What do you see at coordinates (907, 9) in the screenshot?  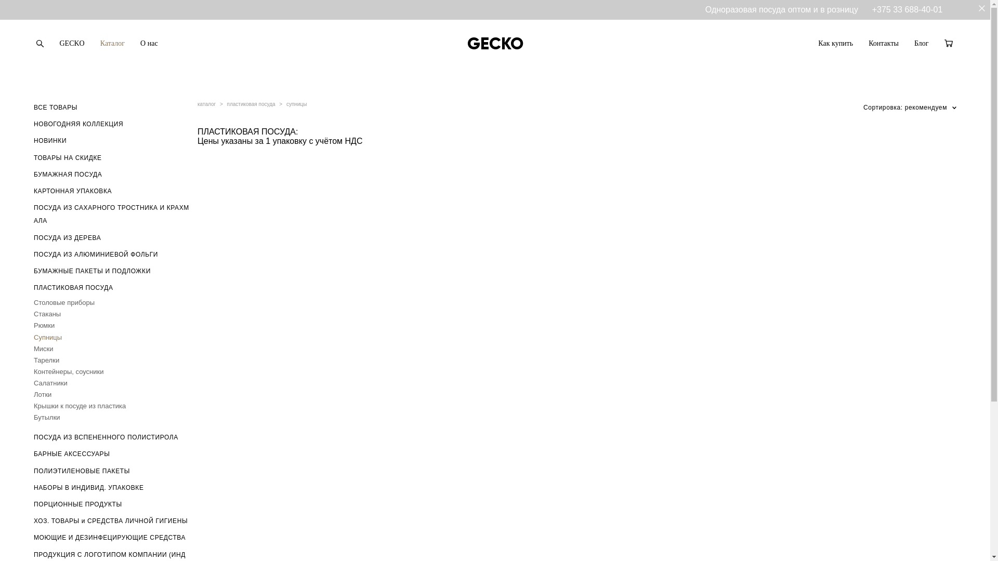 I see `'+375 33 688-40-01'` at bounding box center [907, 9].